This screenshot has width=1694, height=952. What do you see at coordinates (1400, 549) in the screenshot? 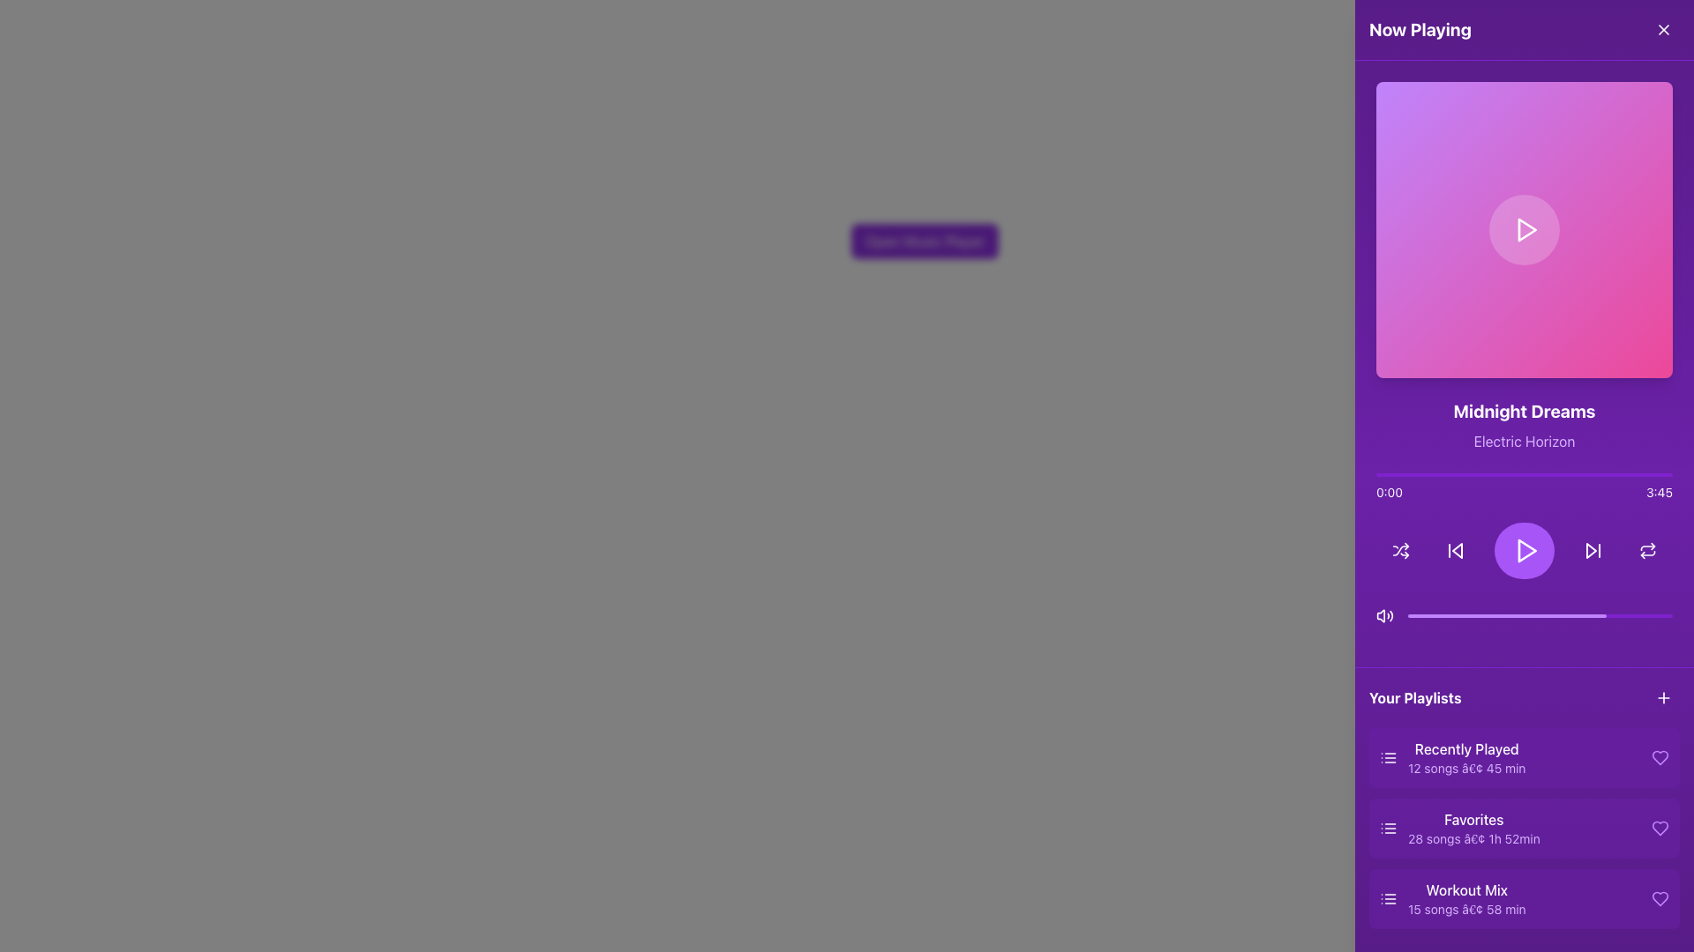
I see `the circular purple button with a white shuffle icon` at bounding box center [1400, 549].